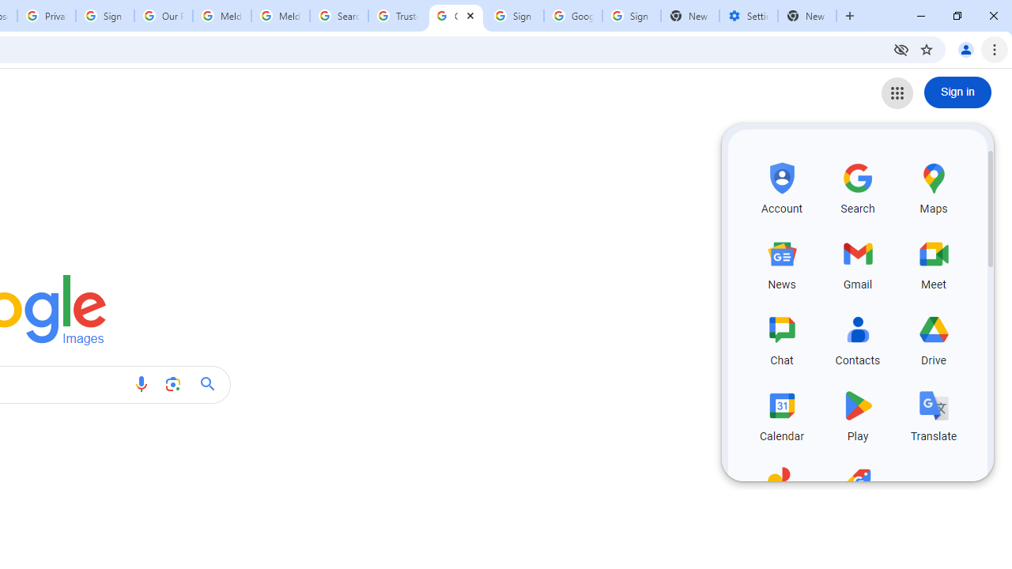 The height and width of the screenshot is (569, 1012). I want to click on 'Account, row 1 of 5 and column 1 of 3 in the first section', so click(781, 185).